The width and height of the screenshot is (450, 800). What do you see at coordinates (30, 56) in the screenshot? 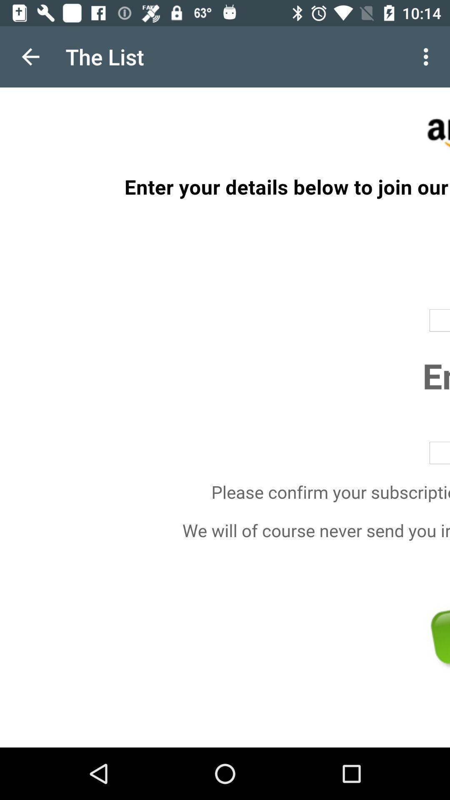
I see `the icon to the left of the the list item` at bounding box center [30, 56].